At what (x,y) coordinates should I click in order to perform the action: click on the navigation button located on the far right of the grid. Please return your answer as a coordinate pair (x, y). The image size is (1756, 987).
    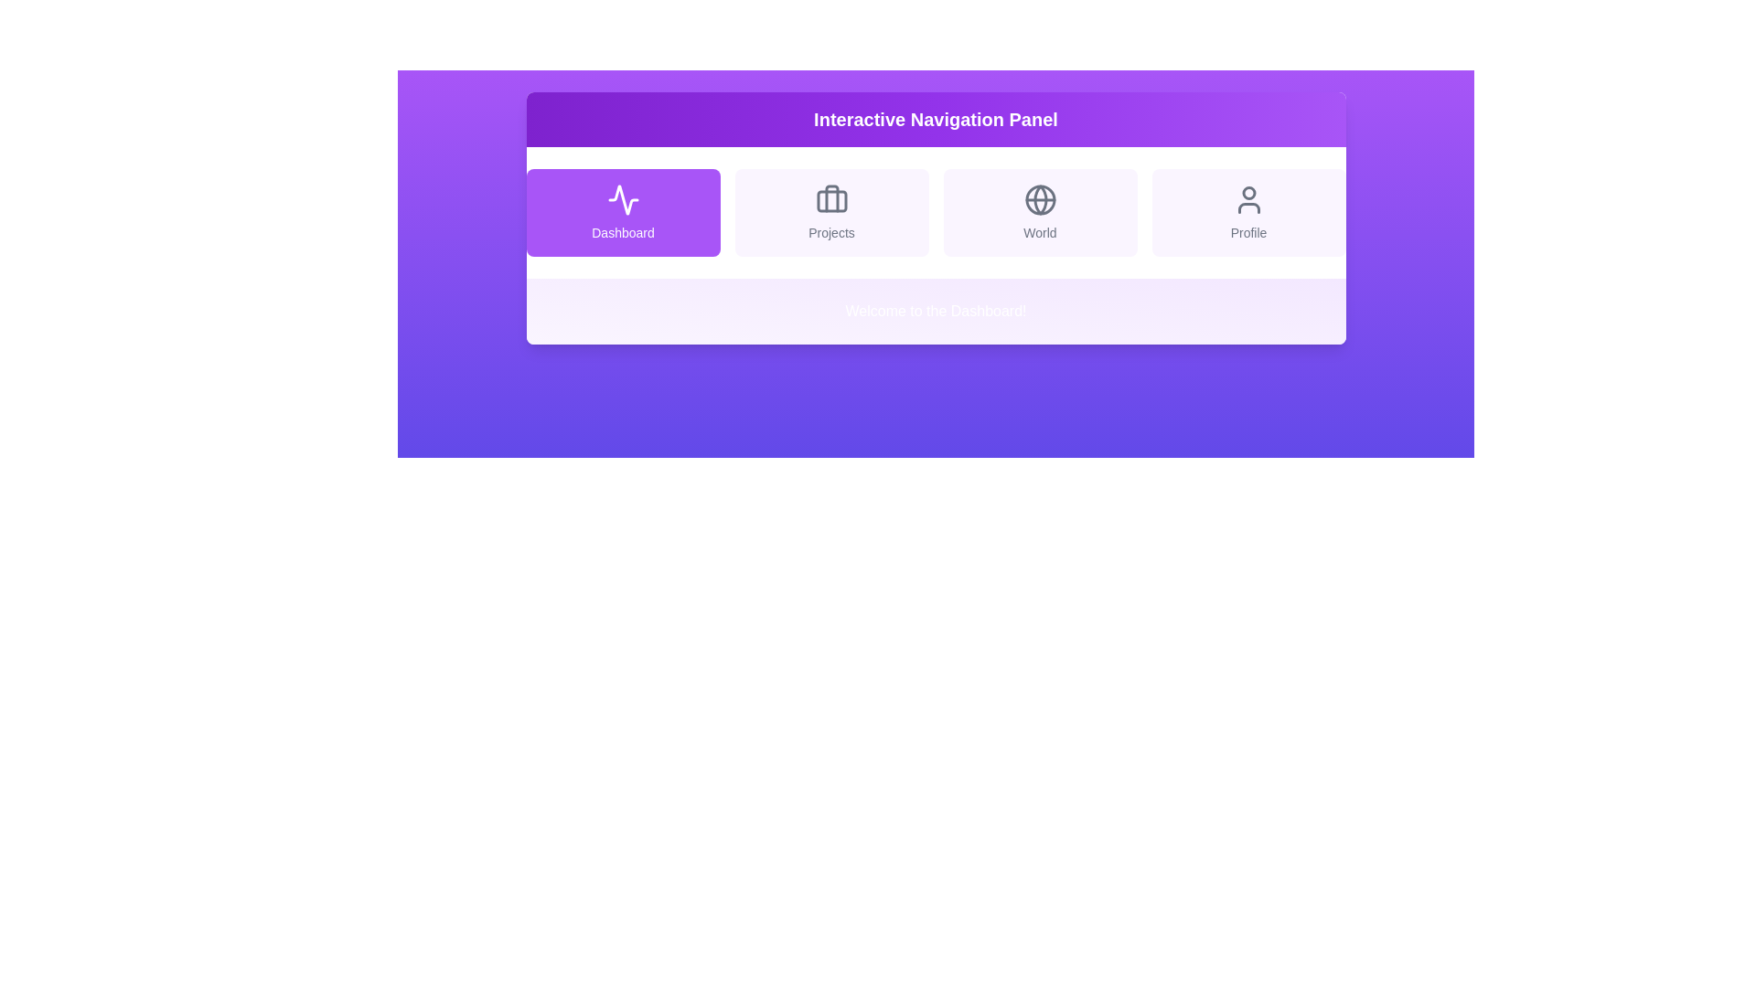
    Looking at the image, I should click on (1247, 211).